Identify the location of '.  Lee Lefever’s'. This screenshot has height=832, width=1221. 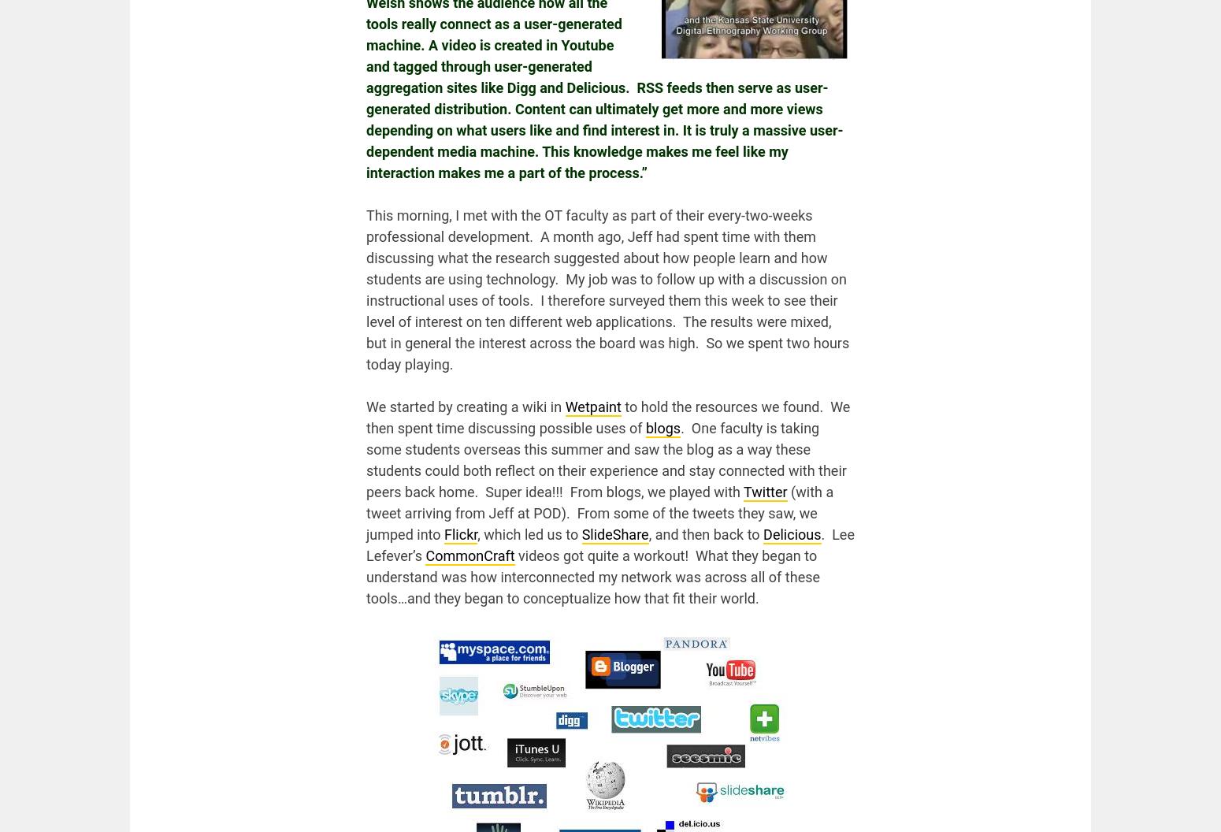
(610, 544).